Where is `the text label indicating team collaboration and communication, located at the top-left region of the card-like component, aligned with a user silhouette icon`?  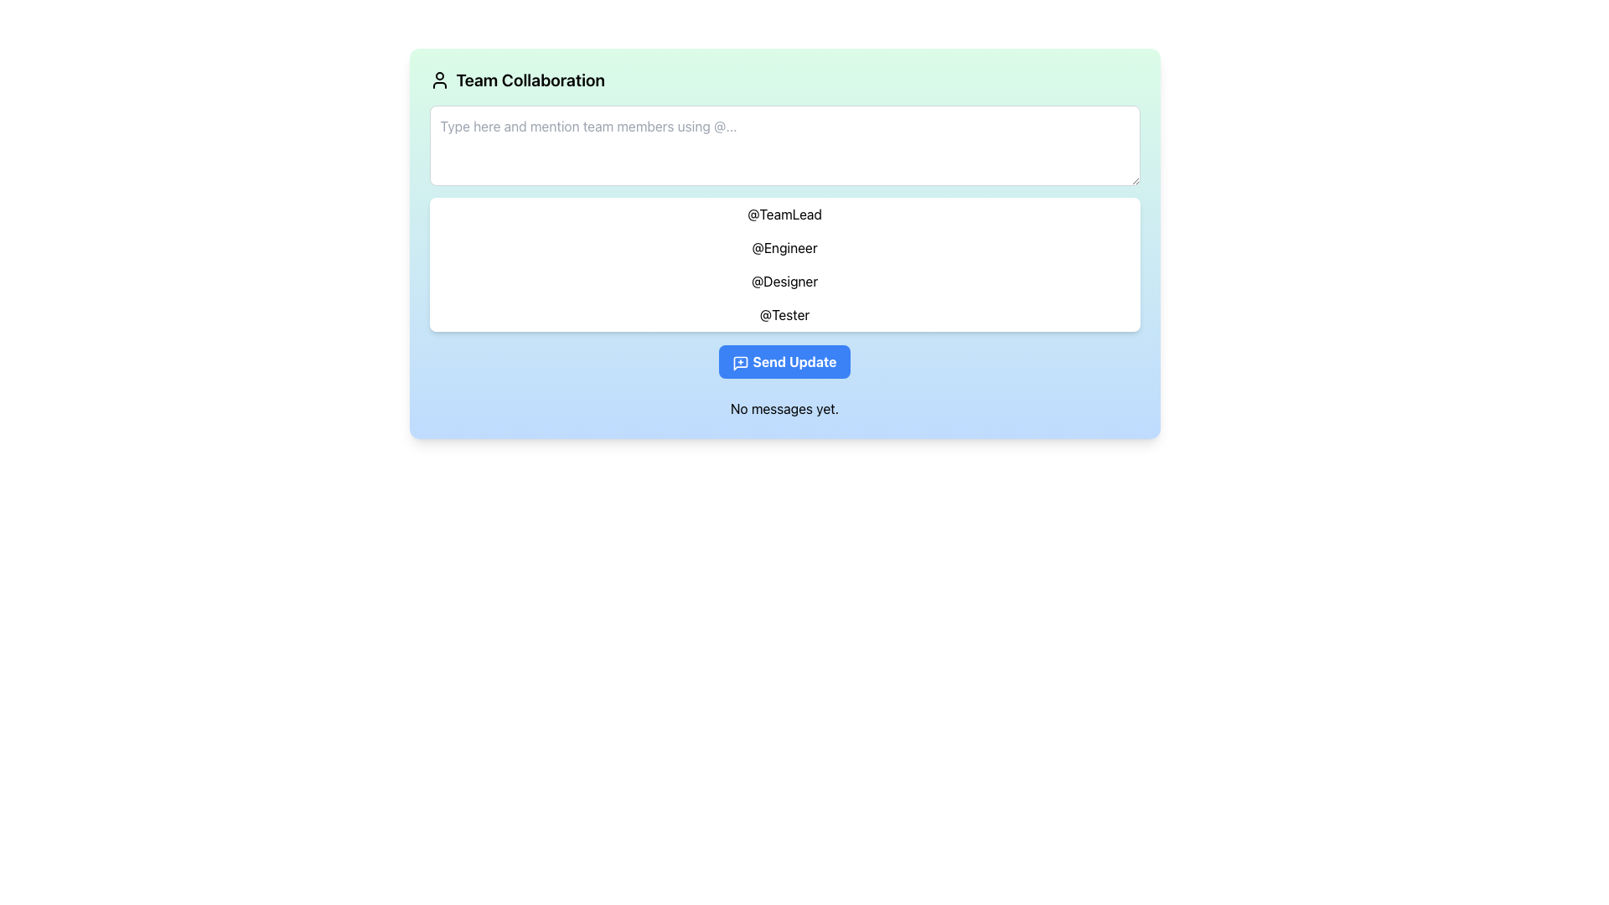 the text label indicating team collaboration and communication, located at the top-left region of the card-like component, aligned with a user silhouette icon is located at coordinates (530, 80).